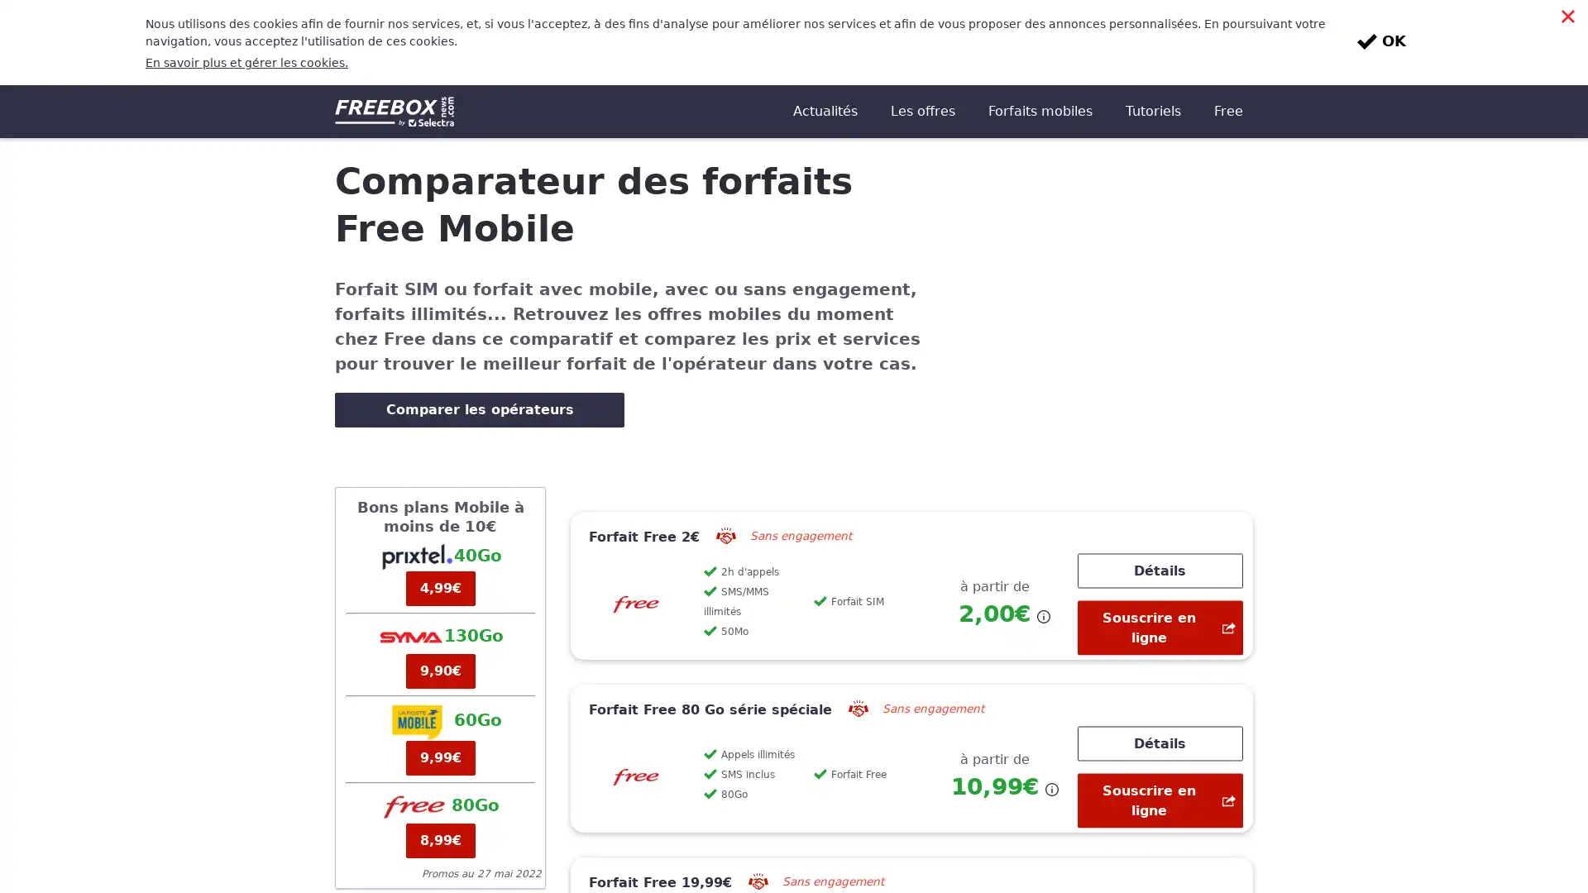 Image resolution: width=1588 pixels, height=893 pixels. I want to click on Comparer les operateurs, so click(479, 324).